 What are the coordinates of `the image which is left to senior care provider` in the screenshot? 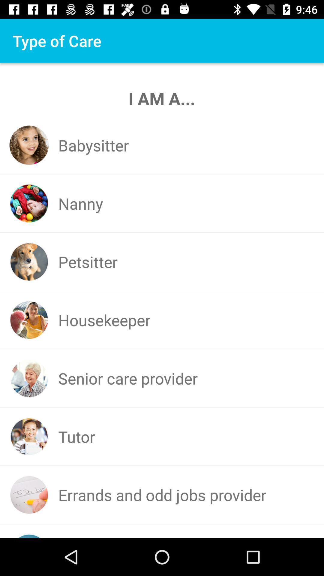 It's located at (29, 378).